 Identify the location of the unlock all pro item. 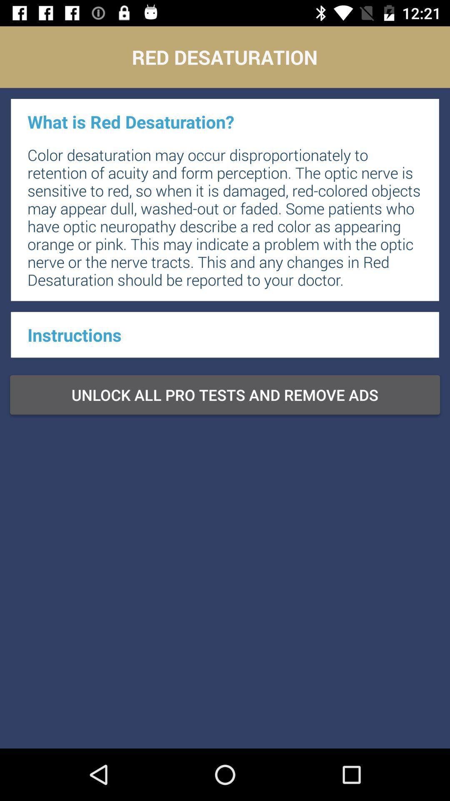
(225, 394).